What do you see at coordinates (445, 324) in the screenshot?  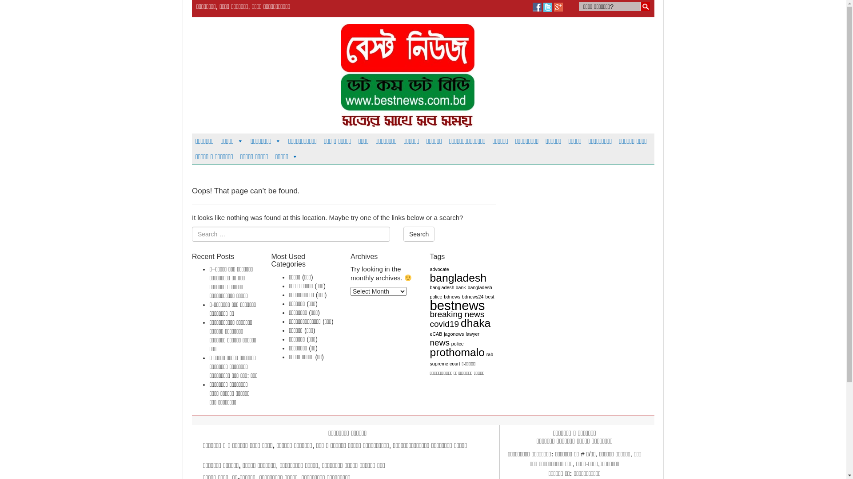 I see `'covid19'` at bounding box center [445, 324].